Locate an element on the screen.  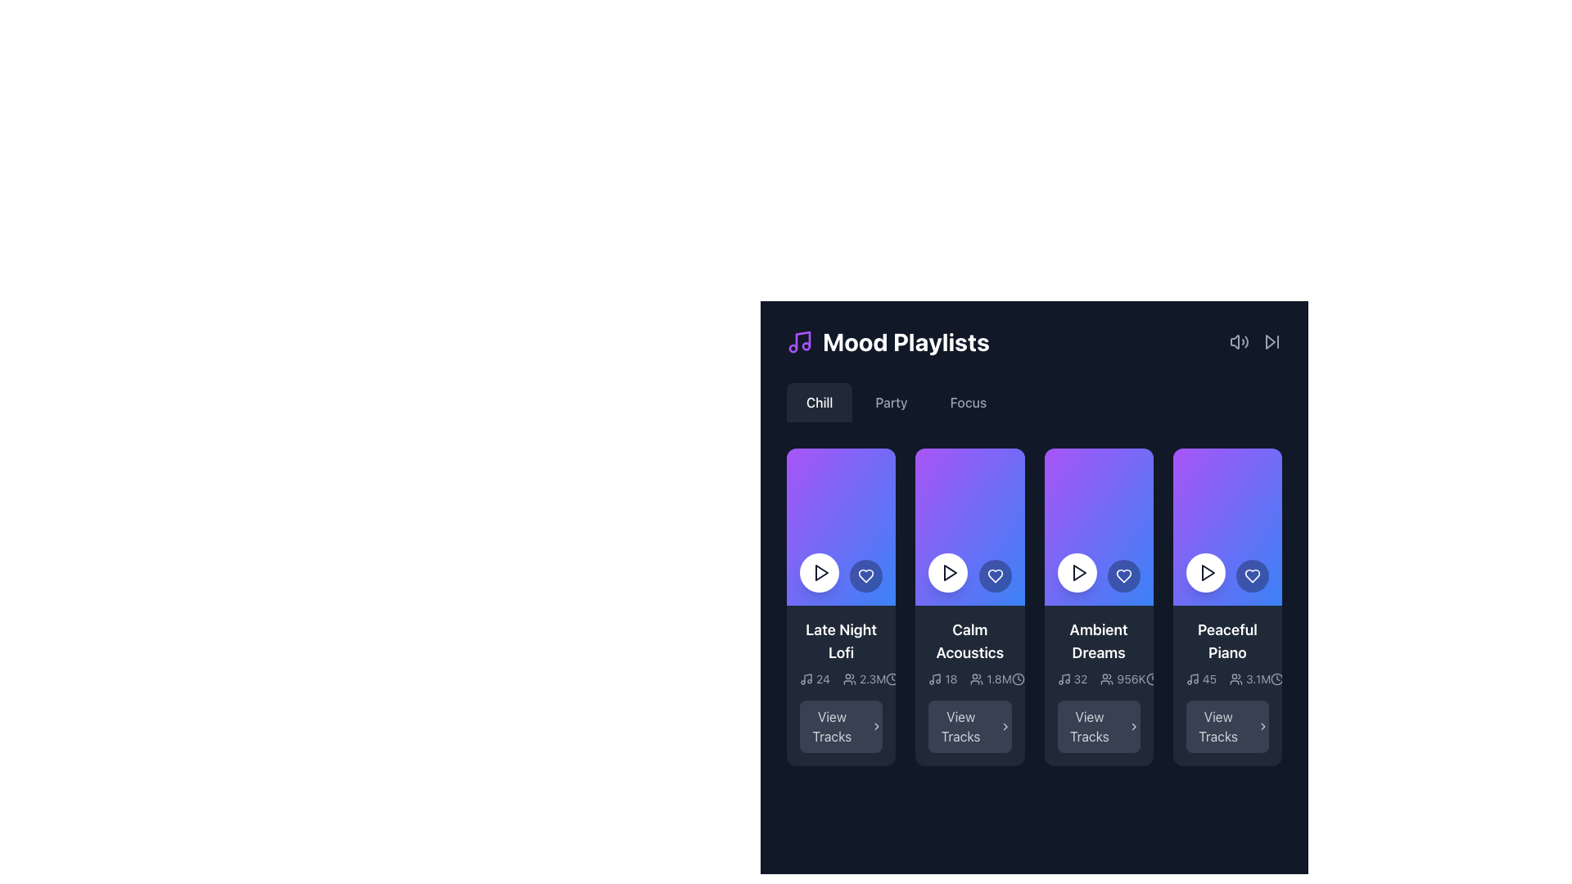
the statistics display showing the number of tracks (45) and followers (3.1M) located at the bottom part of the fourth playlist card, above the 'View Tracks' button is located at coordinates (1228, 679).